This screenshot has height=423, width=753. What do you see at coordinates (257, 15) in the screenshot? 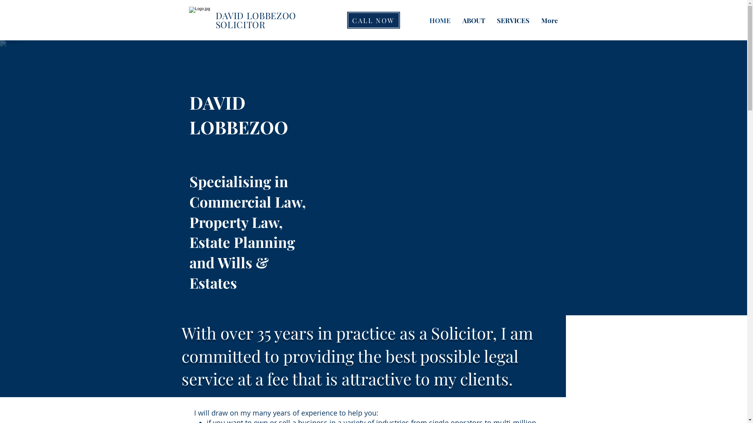
I see `'DAVID LOBBEZOO '` at bounding box center [257, 15].